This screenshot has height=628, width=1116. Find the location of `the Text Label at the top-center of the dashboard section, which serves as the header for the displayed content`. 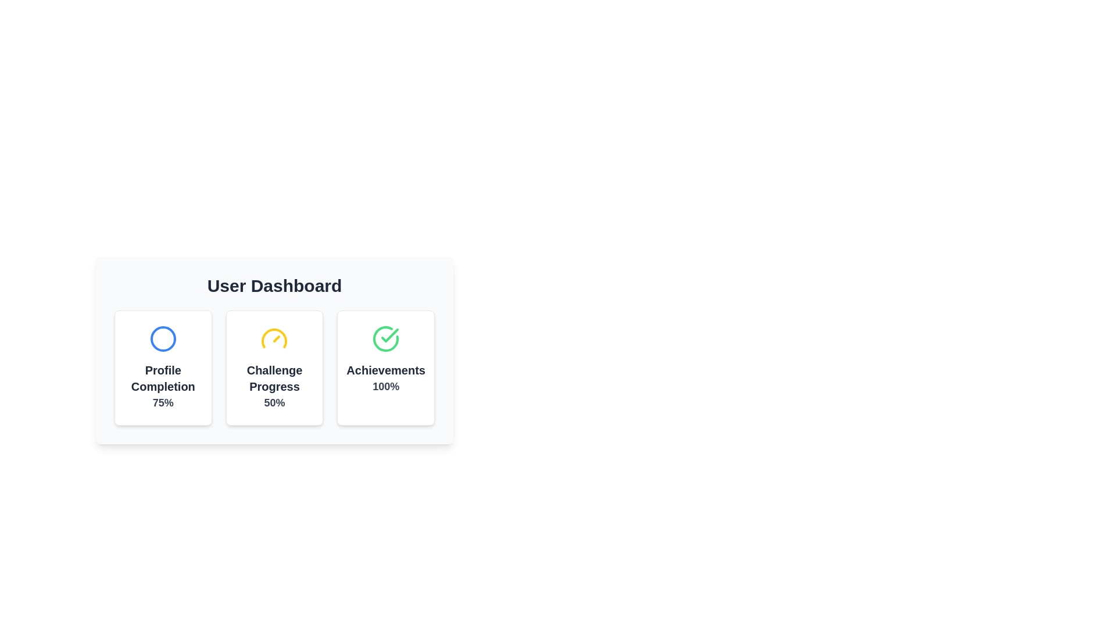

the Text Label at the top-center of the dashboard section, which serves as the header for the displayed content is located at coordinates (274, 286).